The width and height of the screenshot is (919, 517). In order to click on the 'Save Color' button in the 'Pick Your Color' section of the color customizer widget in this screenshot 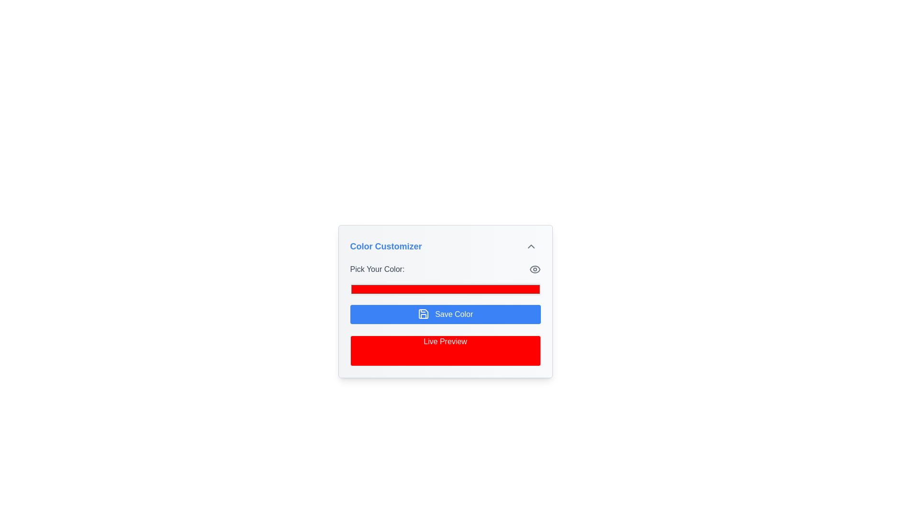, I will do `click(445, 315)`.